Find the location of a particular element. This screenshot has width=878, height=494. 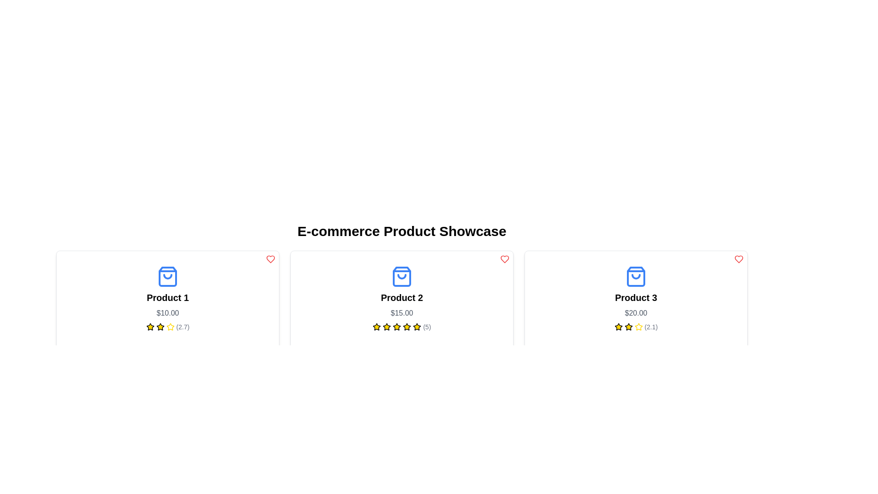

the third five-pointed star icon with a gold-colored stroke in the product card for 'Product 3' is located at coordinates (638, 326).